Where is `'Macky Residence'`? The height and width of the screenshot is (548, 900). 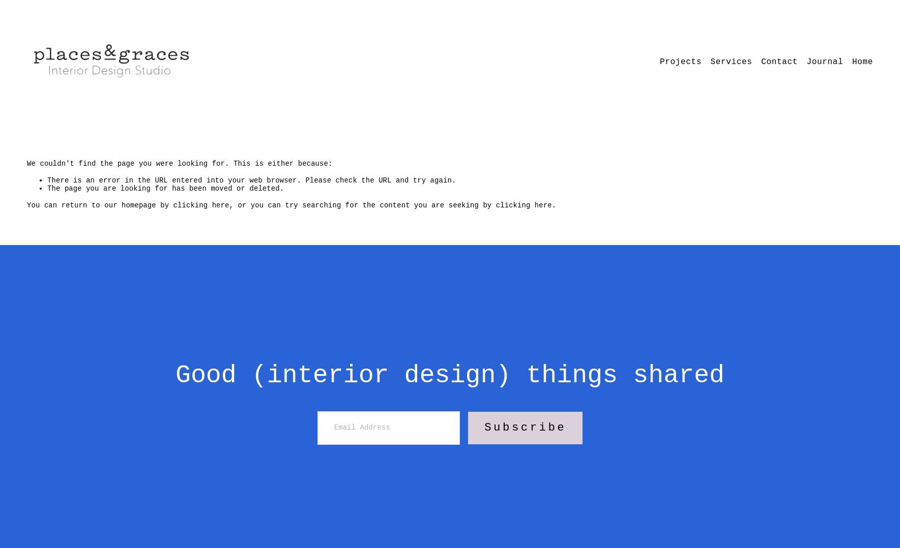
'Macky Residence' is located at coordinates (662, 126).